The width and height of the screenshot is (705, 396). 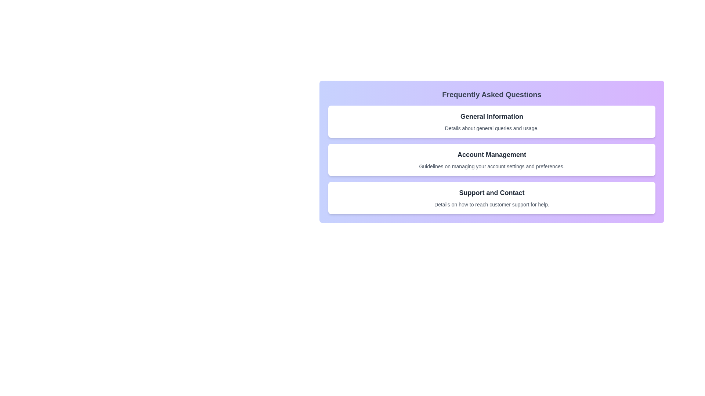 I want to click on the 'Account Management' informative card, which is the second card in a vertical stack, featuring bold black text and a white background, so click(x=492, y=159).